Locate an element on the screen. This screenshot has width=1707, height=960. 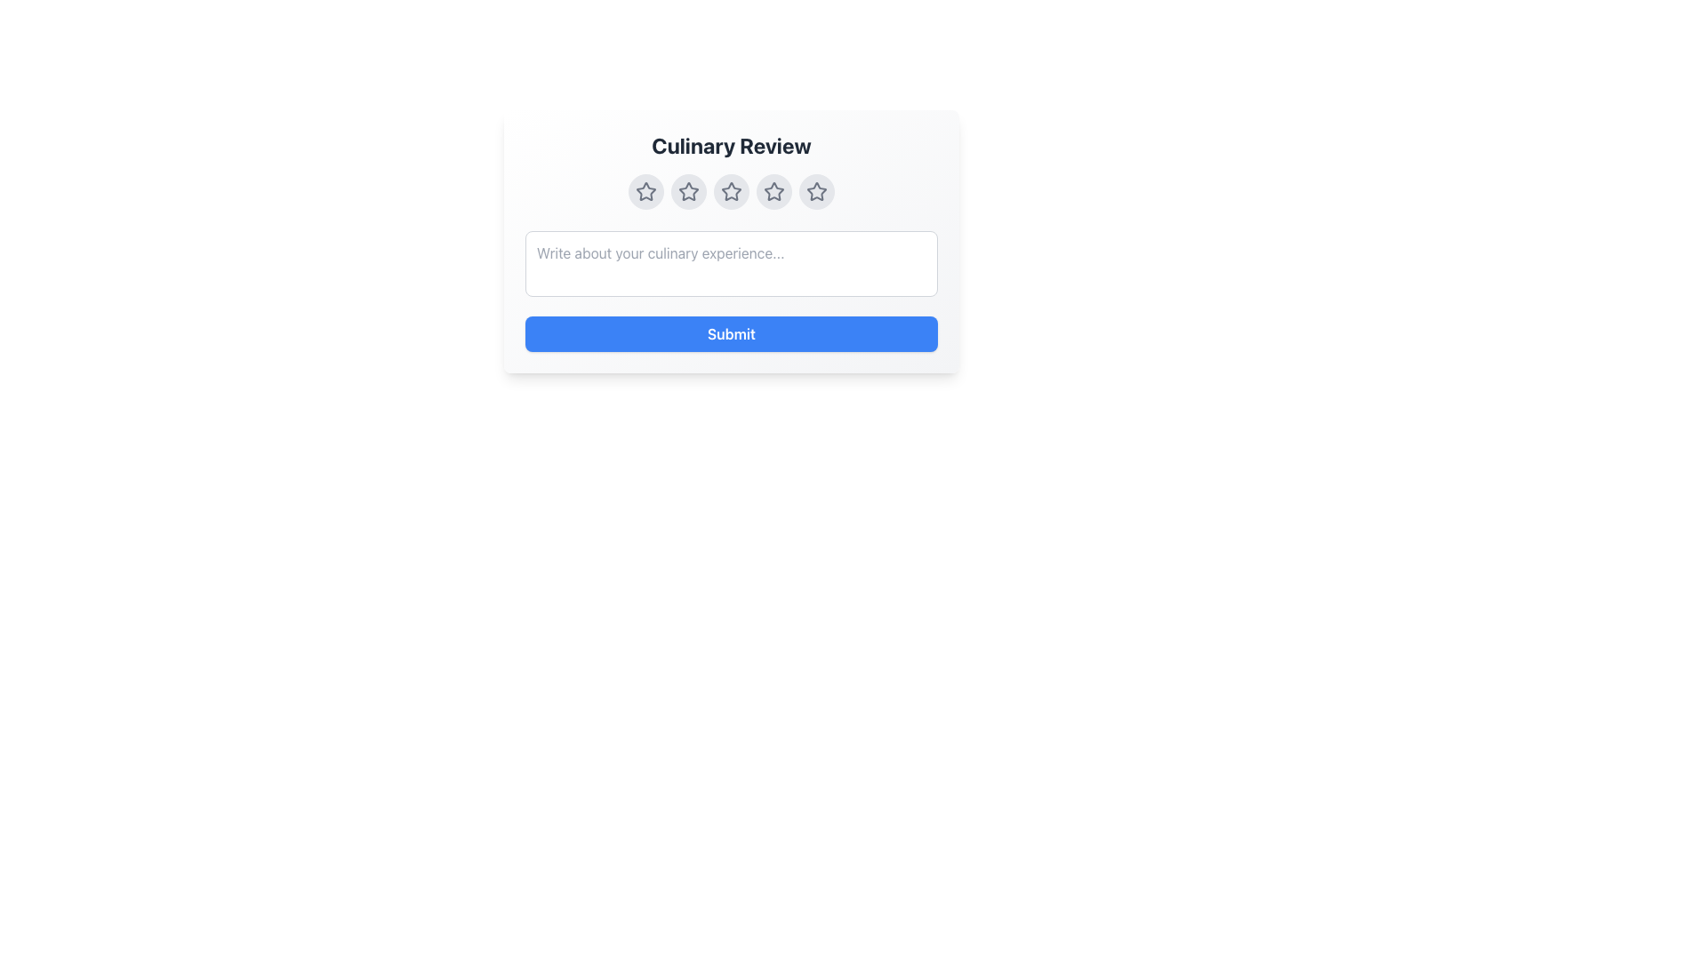
the 'Submit' button with a vibrant blue background and white bold text, located at the bottom of the 'Culinary Review' form is located at coordinates (731, 333).